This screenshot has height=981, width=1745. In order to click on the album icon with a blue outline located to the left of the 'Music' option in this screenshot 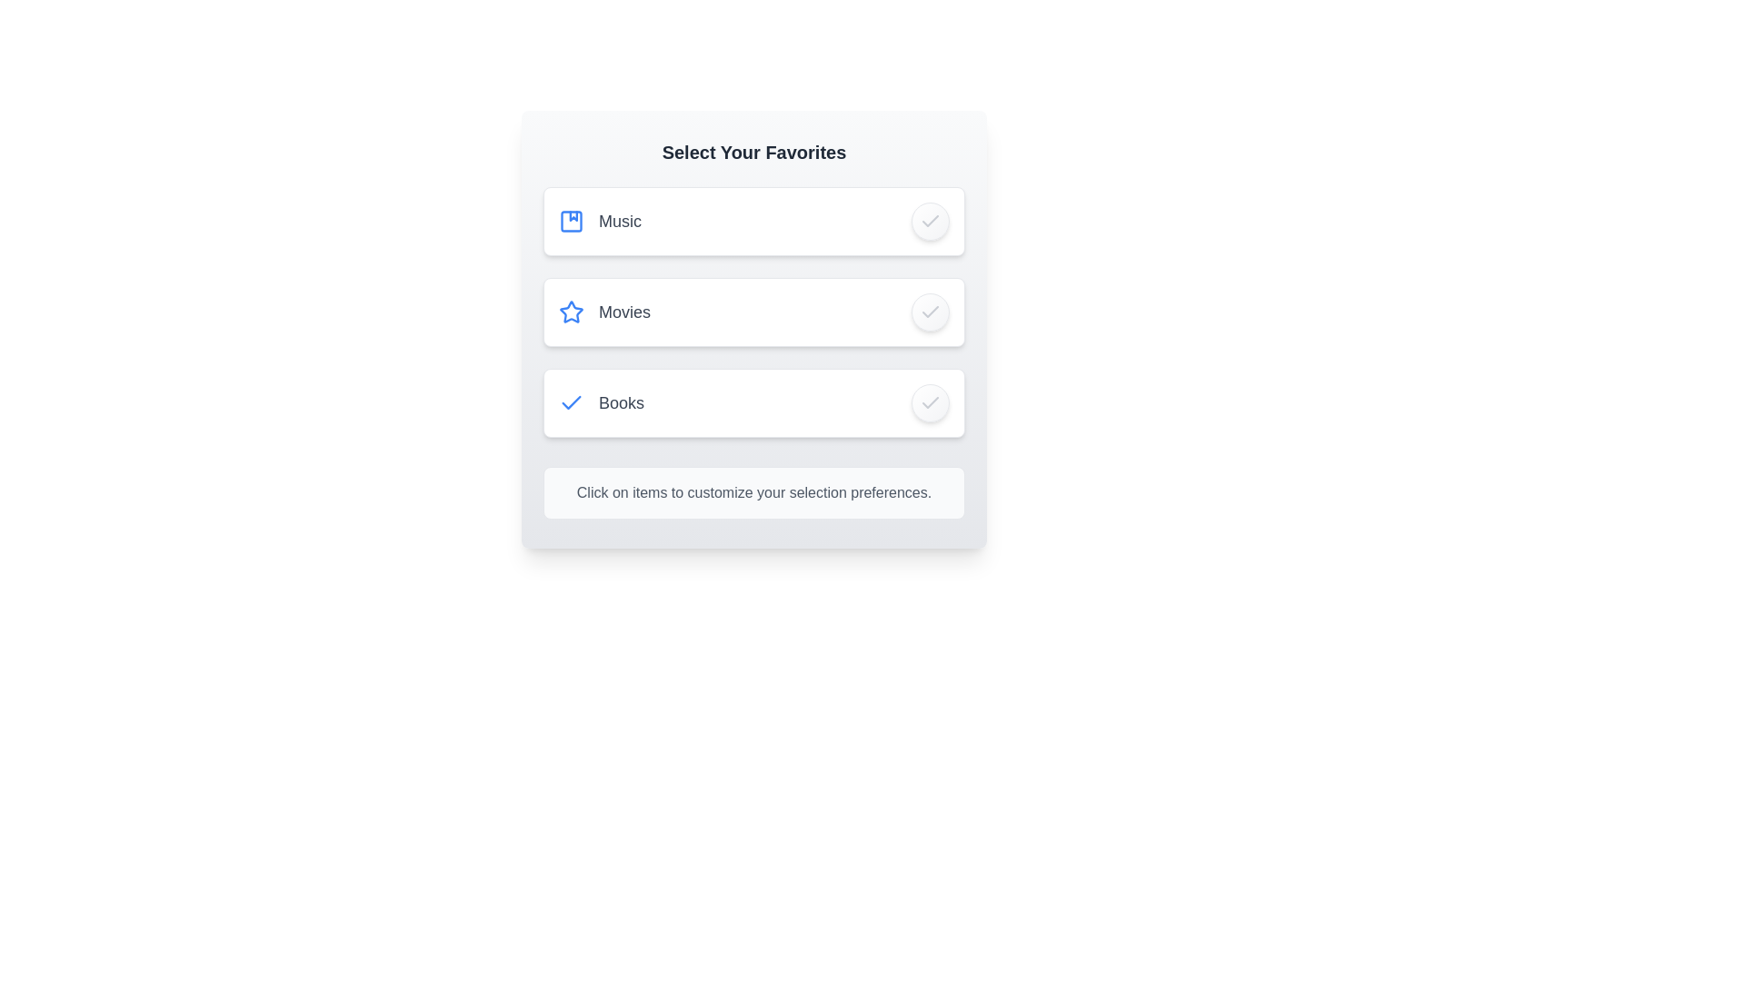, I will do `click(570, 220)`.